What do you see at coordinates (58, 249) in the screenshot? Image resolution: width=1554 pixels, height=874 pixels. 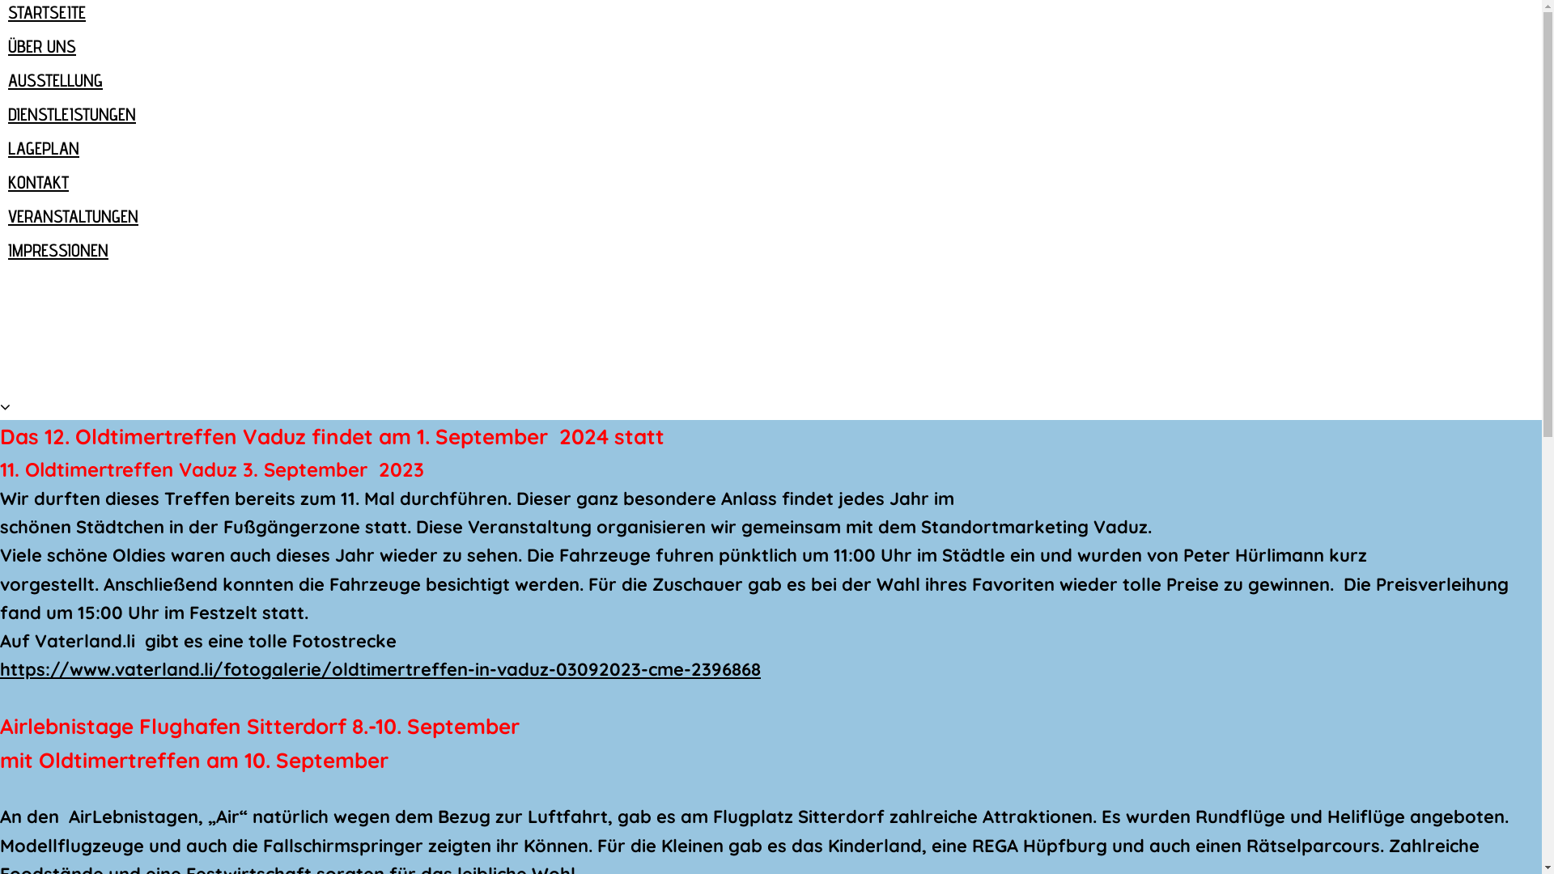 I see `'IMPRESSIONEN'` at bounding box center [58, 249].